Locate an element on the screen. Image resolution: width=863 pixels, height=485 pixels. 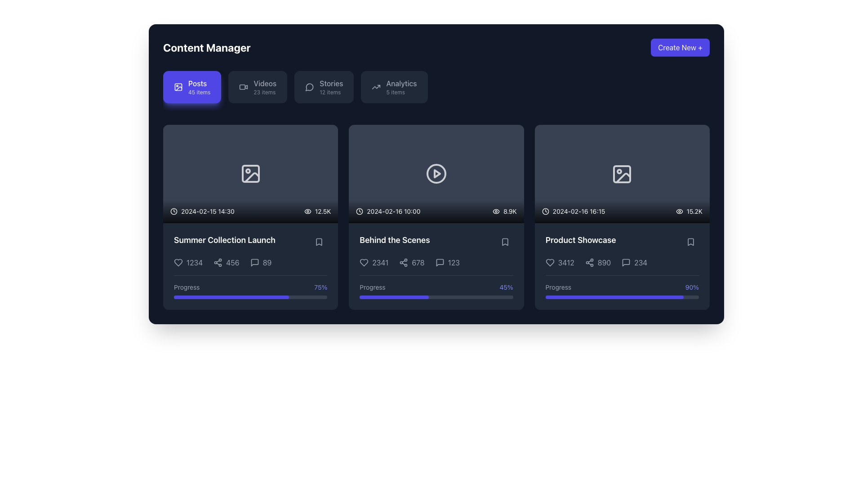
the combined UI component displaying the number '678' next to a share icon, styled in gray and positioned in the center card of the middle row is located at coordinates (411, 262).